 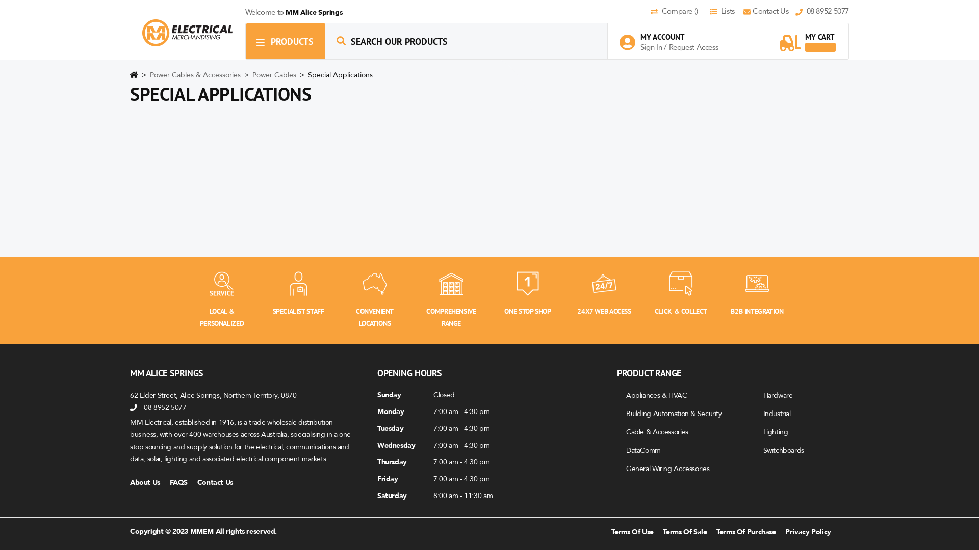 What do you see at coordinates (783, 449) in the screenshot?
I see `'Switchboards'` at bounding box center [783, 449].